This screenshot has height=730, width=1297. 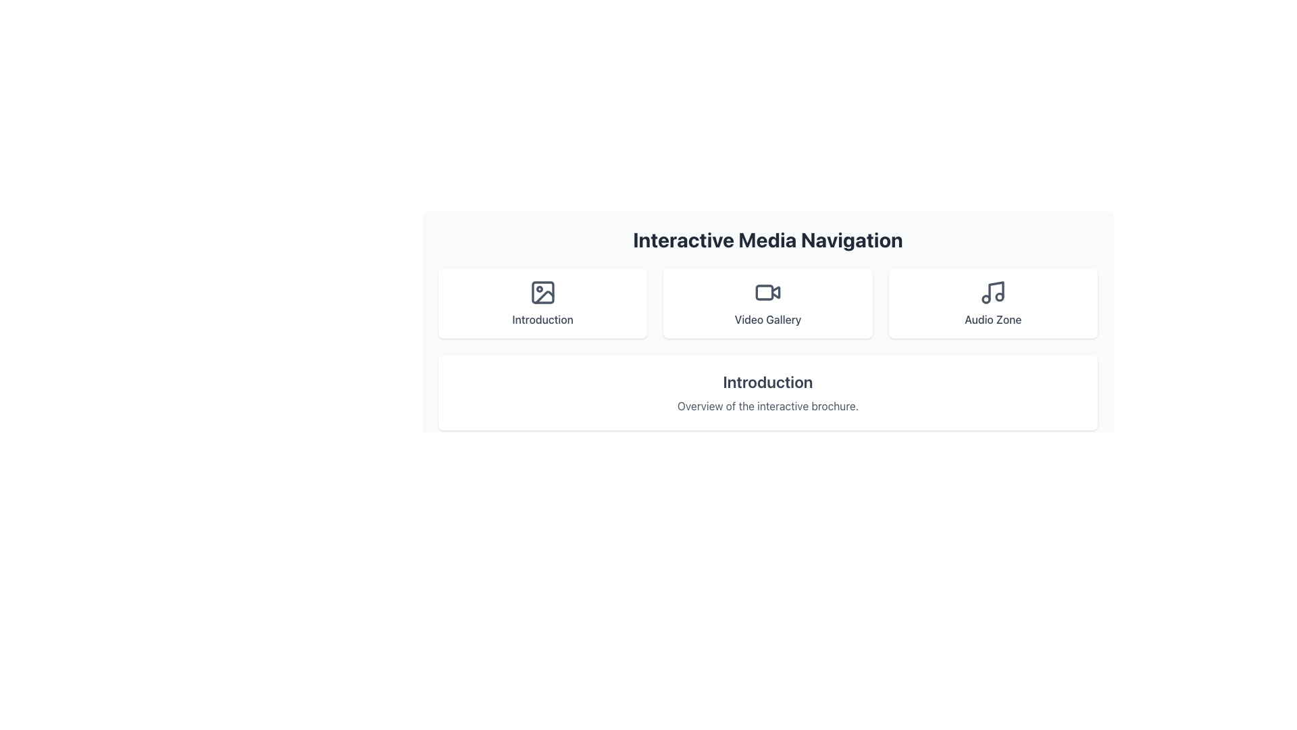 What do you see at coordinates (542, 291) in the screenshot?
I see `the decorative icon representing the 'Introduction' tile, located in the top-left tile of a three-tile horizontal layout, positioned above the label 'Introduction'` at bounding box center [542, 291].